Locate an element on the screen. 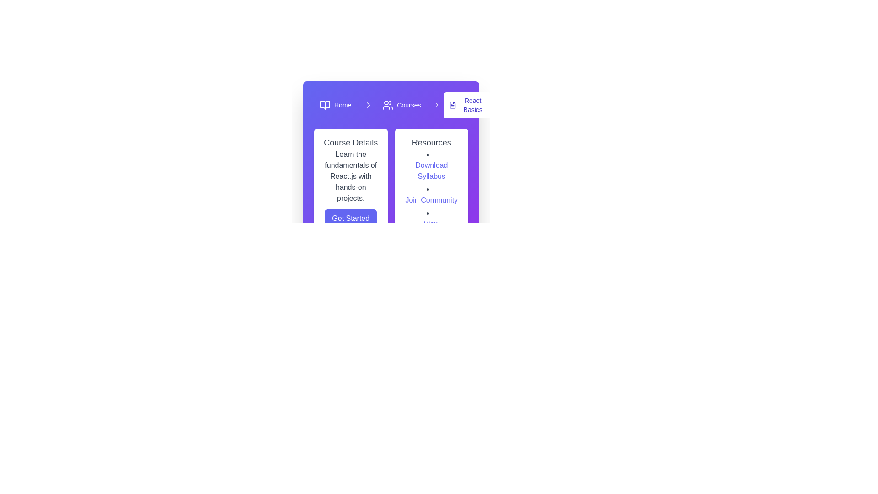 The height and width of the screenshot is (494, 878). text label displaying 'Learn the fundamentals of React.js with hands-on projects.' located in the Course Details card is located at coordinates (350, 176).